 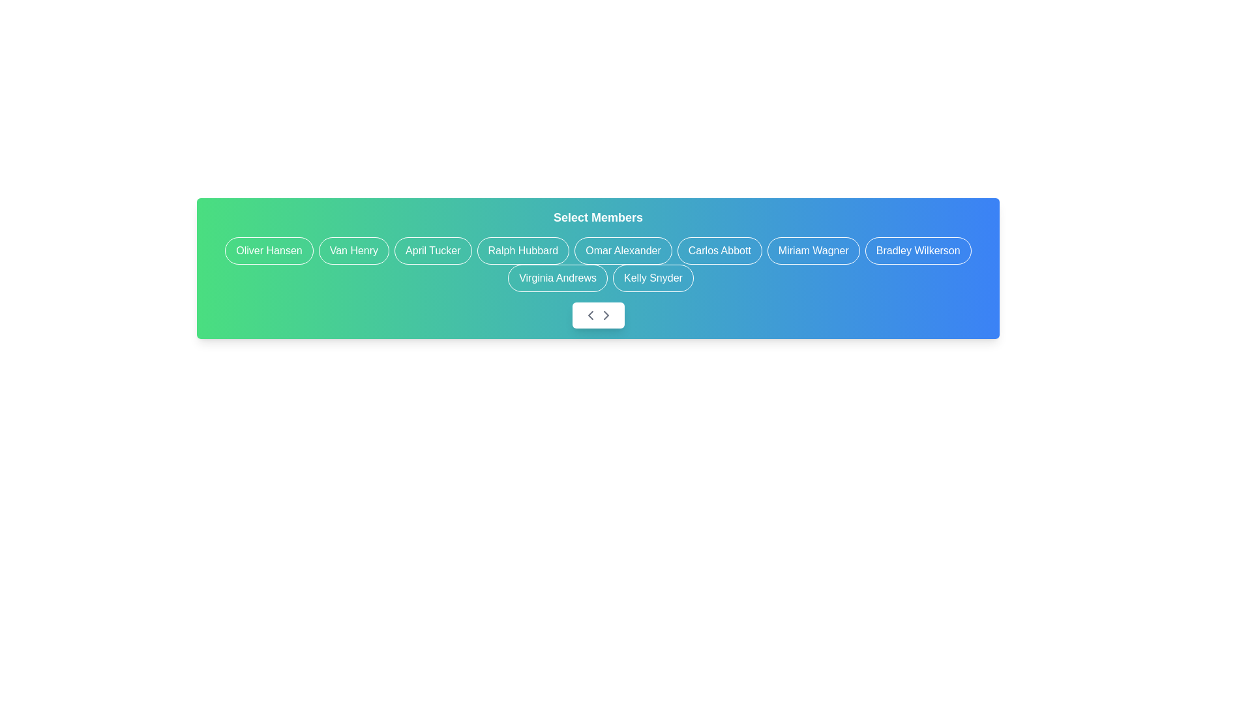 I want to click on the button labeled 'Miriam Wagner', which is a rounded rectangular button with a gradient background and white text, so click(x=812, y=251).